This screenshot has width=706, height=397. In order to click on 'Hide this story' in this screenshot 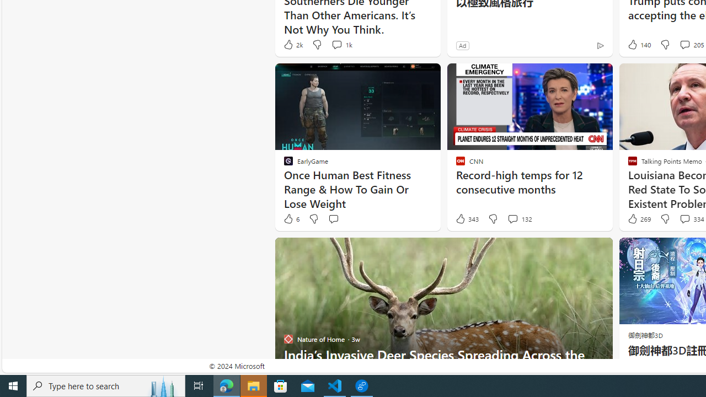, I will do `click(579, 251)`.